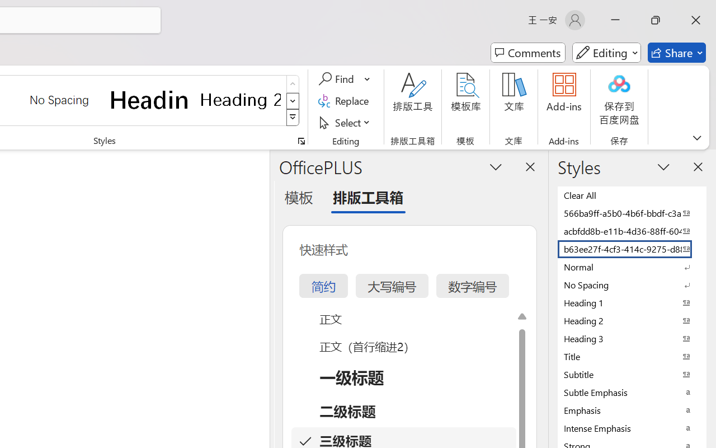  Describe the element at coordinates (632, 267) in the screenshot. I see `'Normal'` at that location.